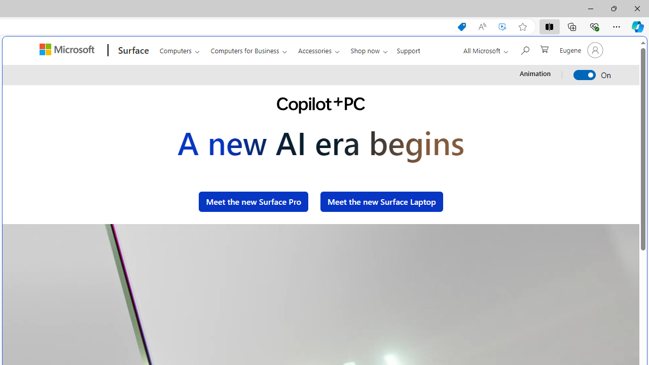 The width and height of the screenshot is (649, 365). I want to click on '0 items in shopping cart', so click(544, 48).